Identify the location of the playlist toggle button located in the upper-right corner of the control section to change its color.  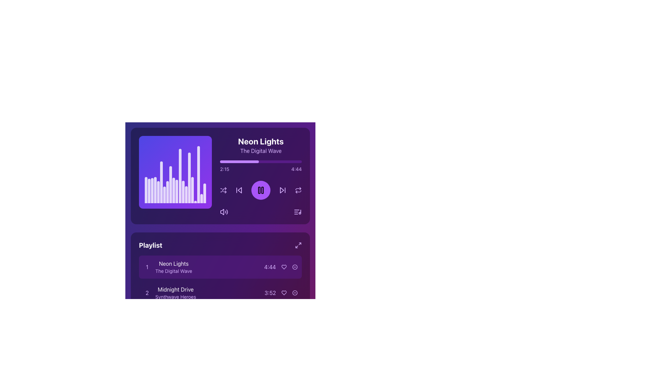
(297, 212).